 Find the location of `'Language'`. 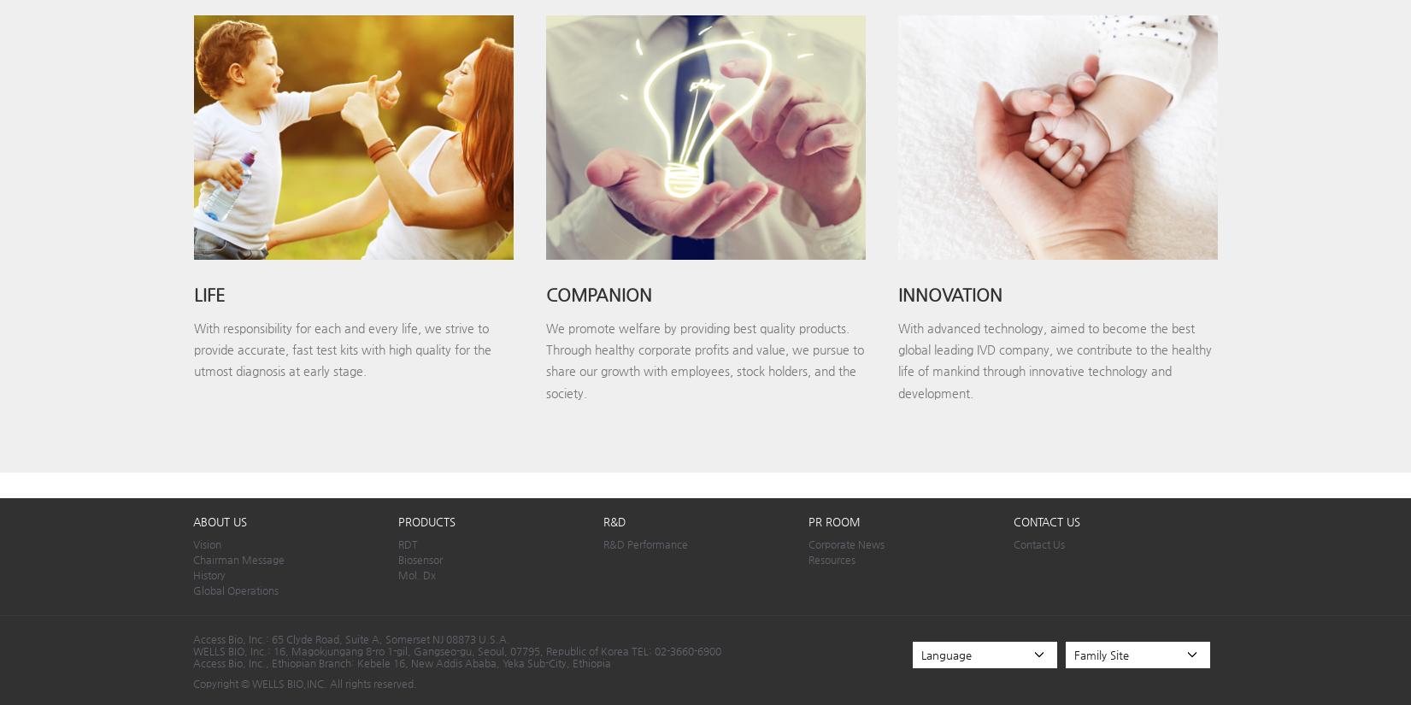

'Language' is located at coordinates (944, 653).